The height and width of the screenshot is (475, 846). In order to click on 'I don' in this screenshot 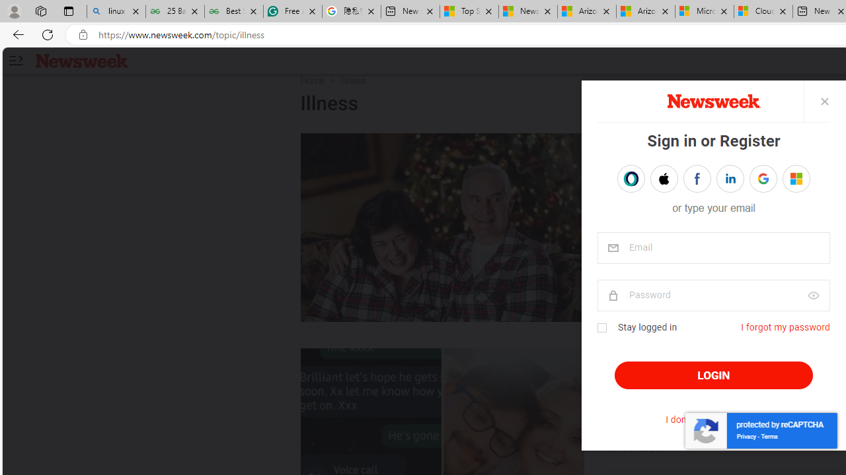, I will do `click(712, 420)`.